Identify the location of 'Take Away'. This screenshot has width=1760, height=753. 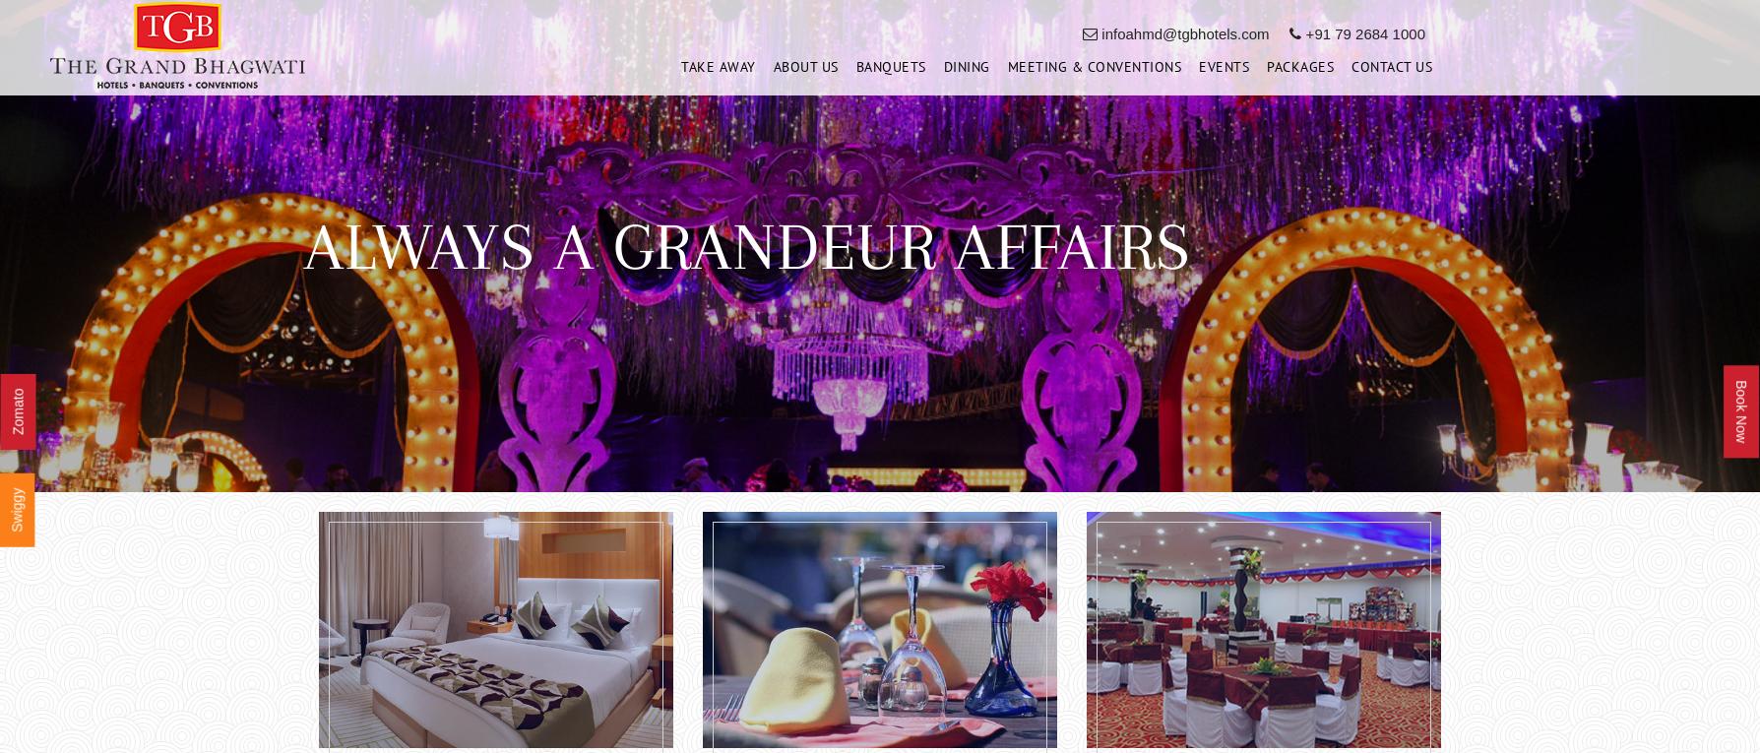
(717, 71).